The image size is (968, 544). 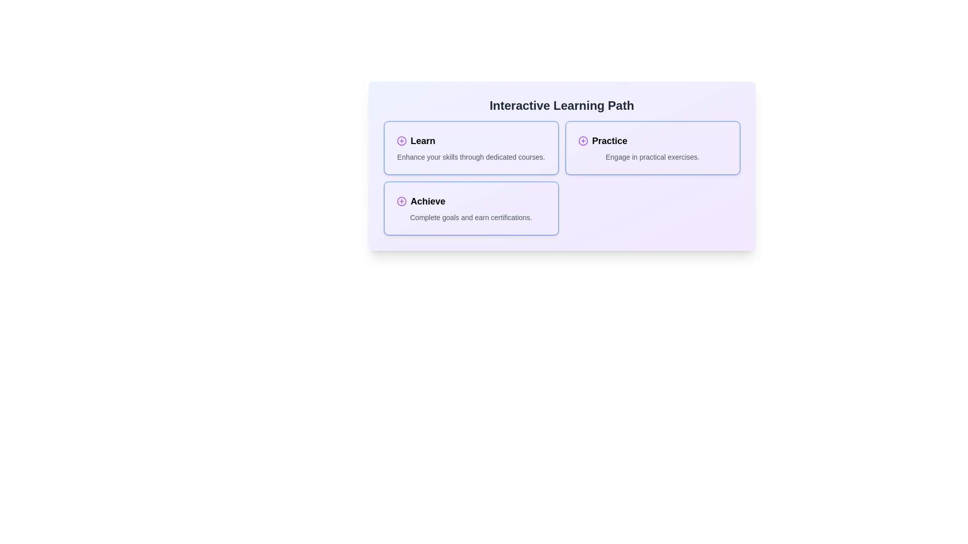 I want to click on the descriptive subtitle text located inside the 'Practice' card, which is positioned in the top-right section of the UI layout, so click(x=652, y=157).